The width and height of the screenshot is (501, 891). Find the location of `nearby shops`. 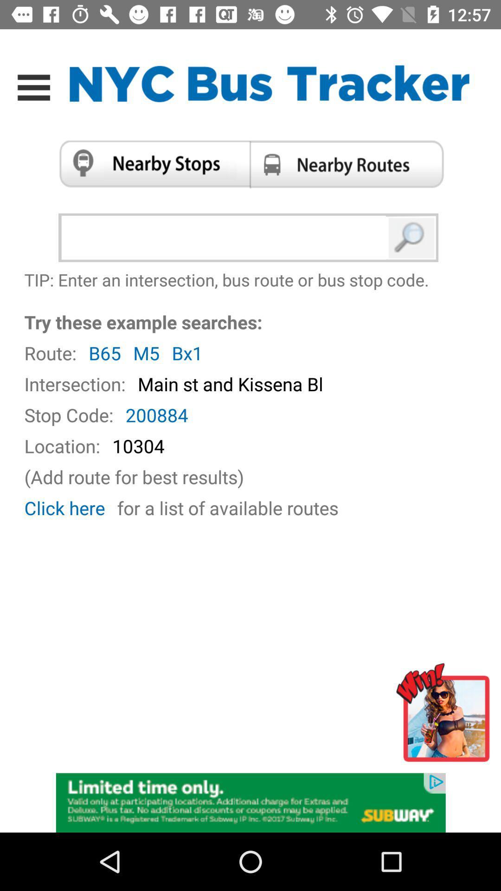

nearby shops is located at coordinates (150, 164).